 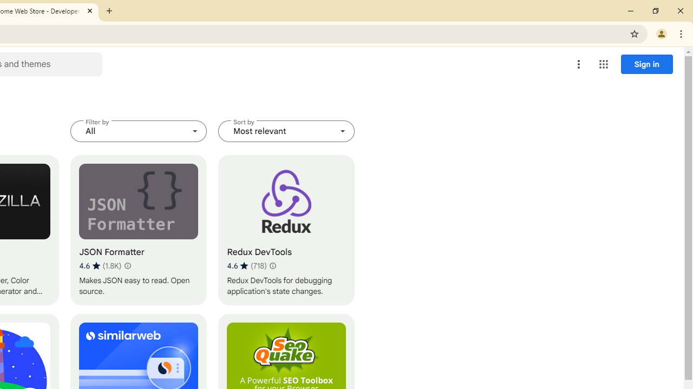 I want to click on 'JSON Formatter', so click(x=138, y=230).